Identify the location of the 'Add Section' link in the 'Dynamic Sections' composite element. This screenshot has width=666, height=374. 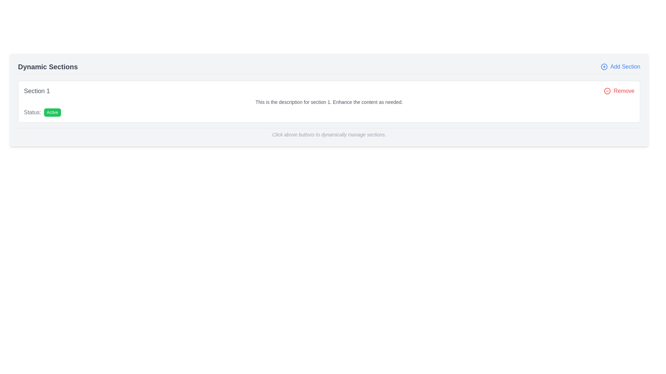
(329, 68).